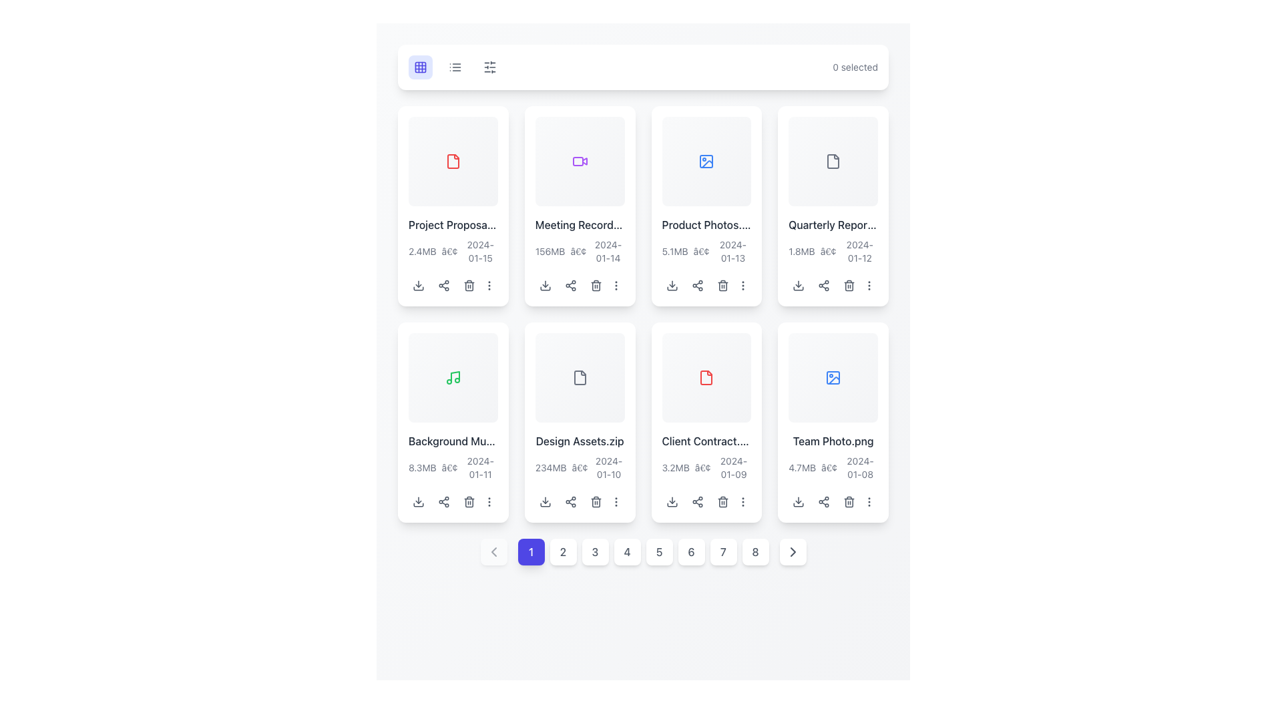  Describe the element at coordinates (453, 160) in the screenshot. I see `the document icon representing 'Project Proposal.pdf' located in the top-left corner of the grid layout` at that location.